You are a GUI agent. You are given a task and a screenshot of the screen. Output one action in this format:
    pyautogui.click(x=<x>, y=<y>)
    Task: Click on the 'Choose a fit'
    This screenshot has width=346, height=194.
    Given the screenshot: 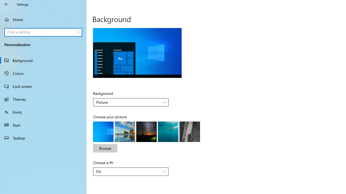 What is the action you would take?
    pyautogui.click(x=131, y=171)
    